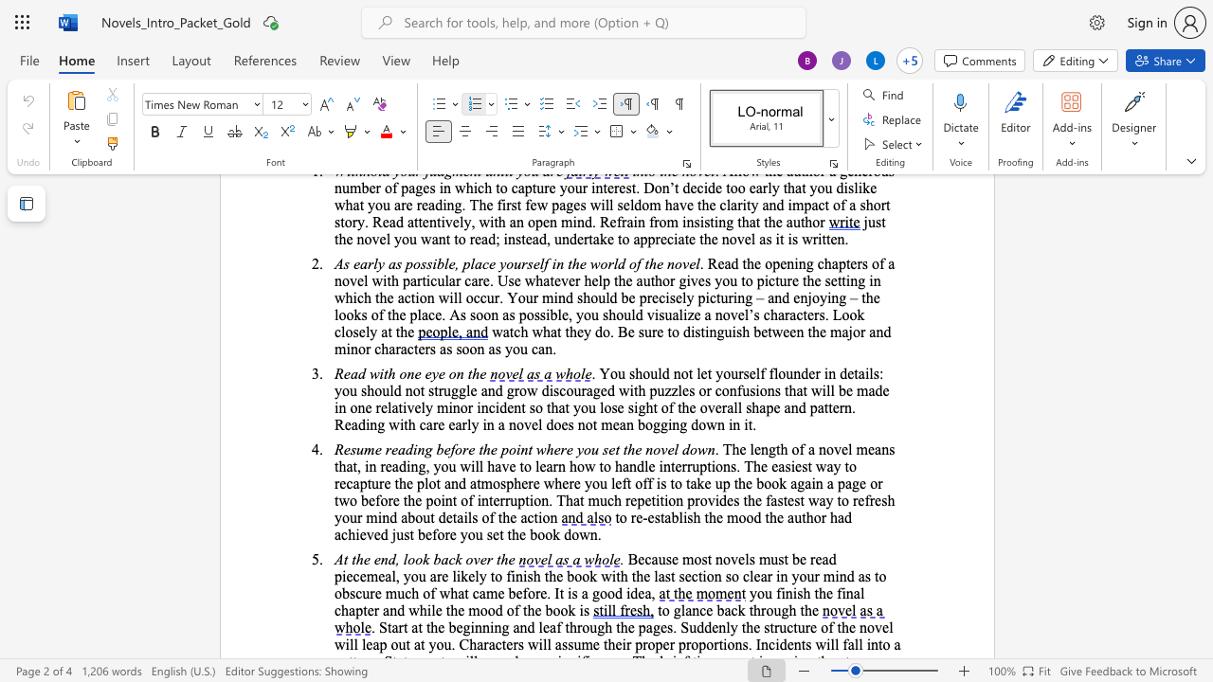 The height and width of the screenshot is (682, 1213). Describe the element at coordinates (424, 534) in the screenshot. I see `the space between the continuous character "b" and "e" in the text` at that location.